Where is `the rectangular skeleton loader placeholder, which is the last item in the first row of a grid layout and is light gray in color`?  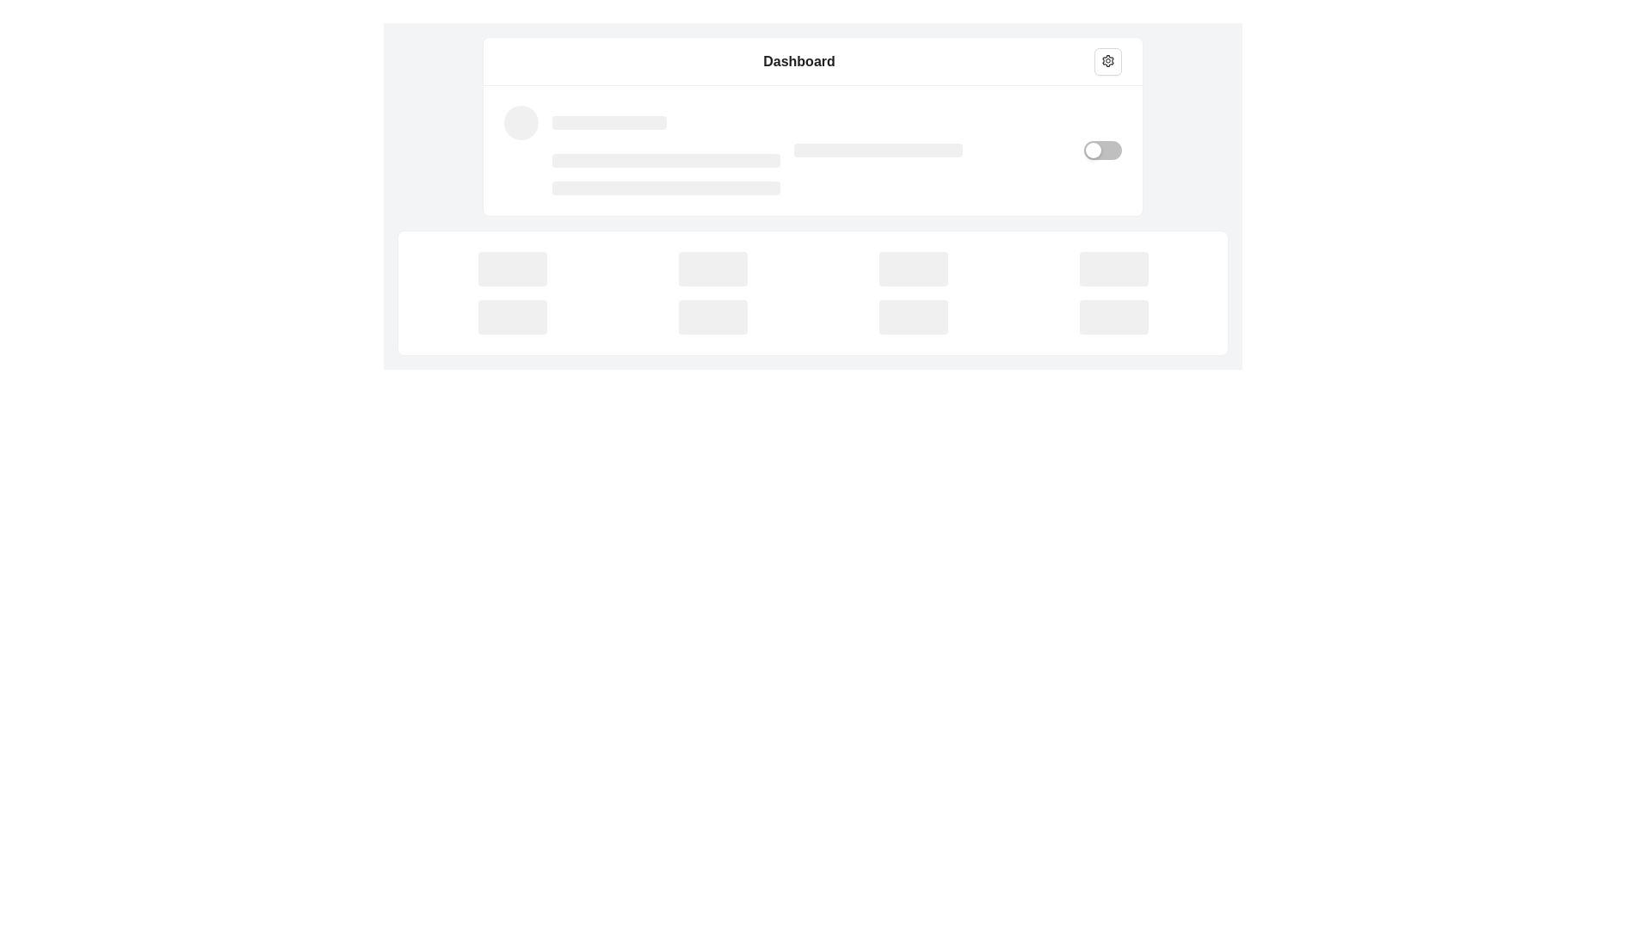 the rectangular skeleton loader placeholder, which is the last item in the first row of a grid layout and is light gray in color is located at coordinates (1113, 268).